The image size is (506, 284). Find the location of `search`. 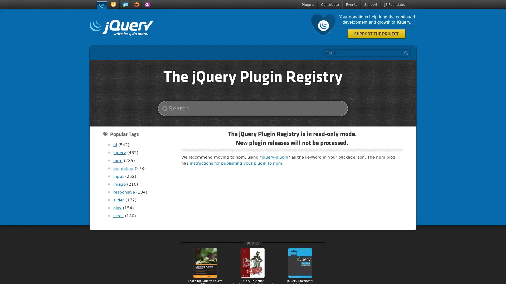

search is located at coordinates (164, 108).